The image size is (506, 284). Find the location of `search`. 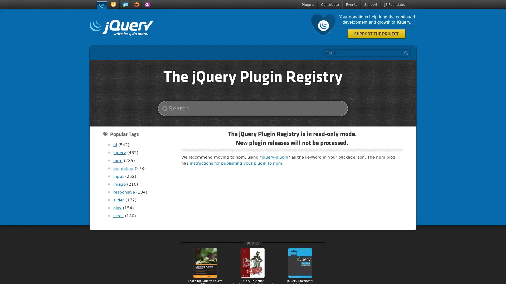

search is located at coordinates (164, 108).